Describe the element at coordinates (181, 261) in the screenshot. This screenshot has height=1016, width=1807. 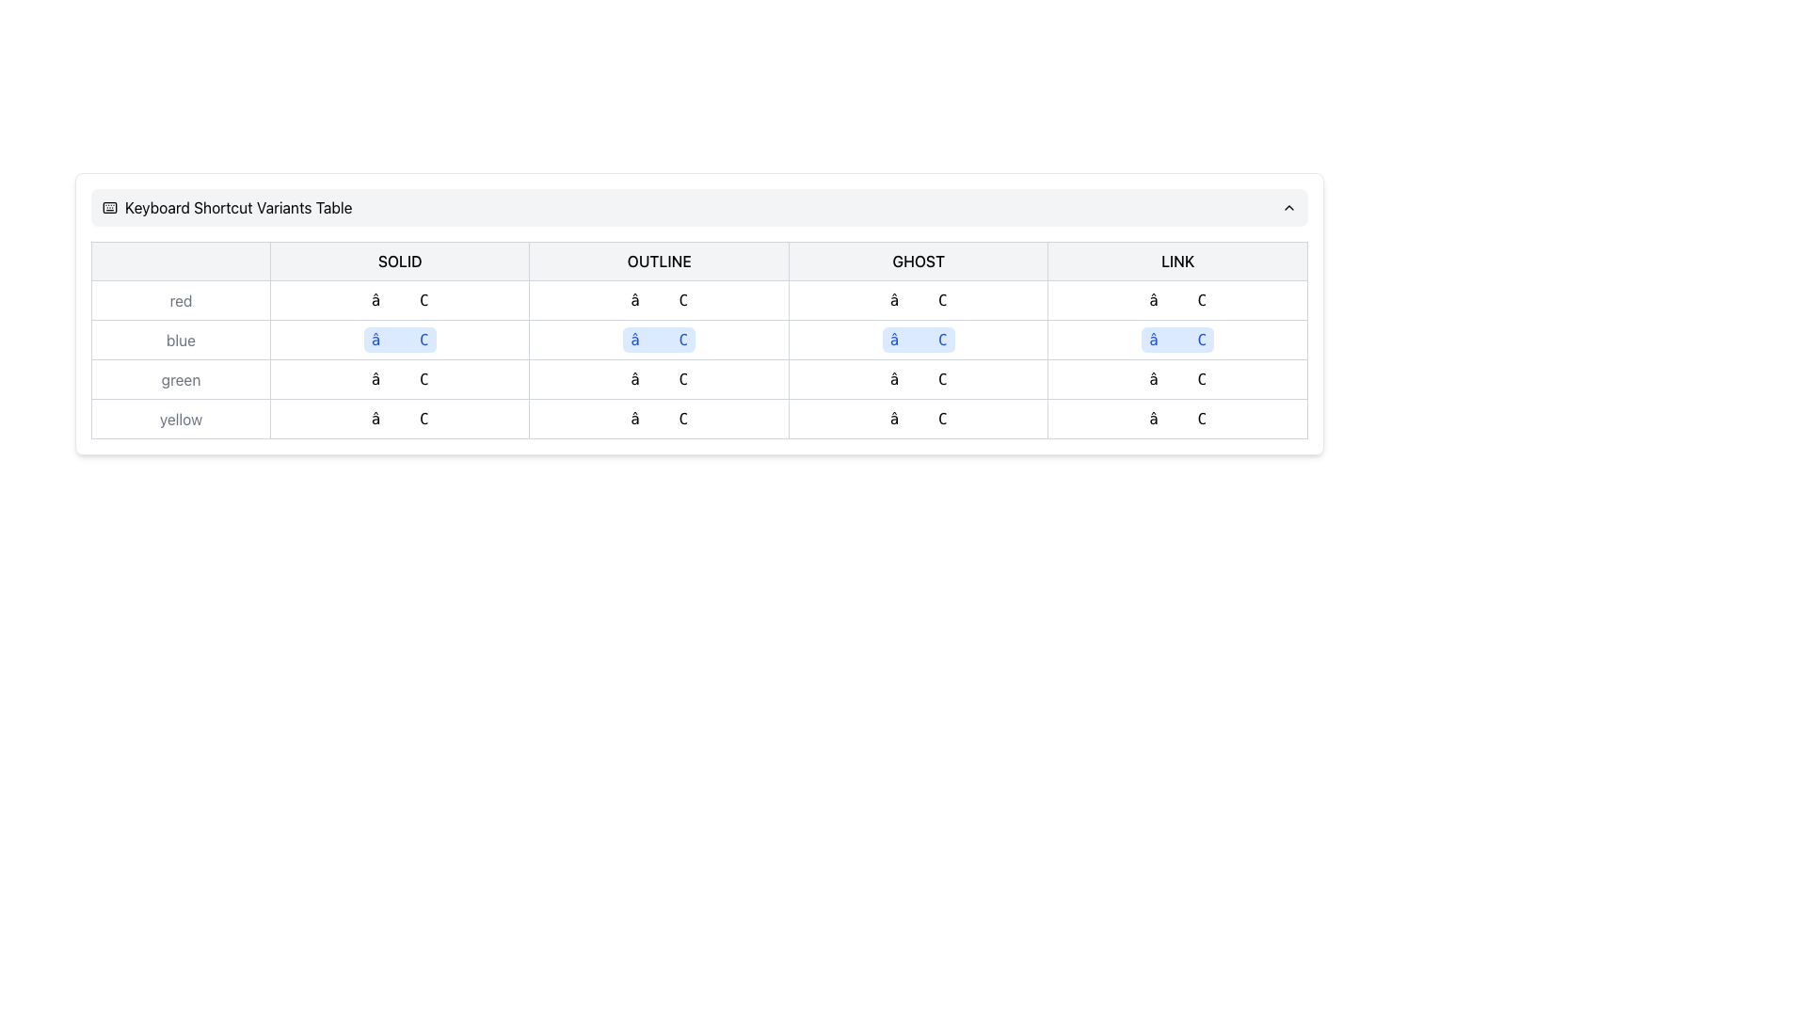
I see `the first rectangular placeholder box with a gray border in a horizontal layout of buttons, located on the far left` at that location.